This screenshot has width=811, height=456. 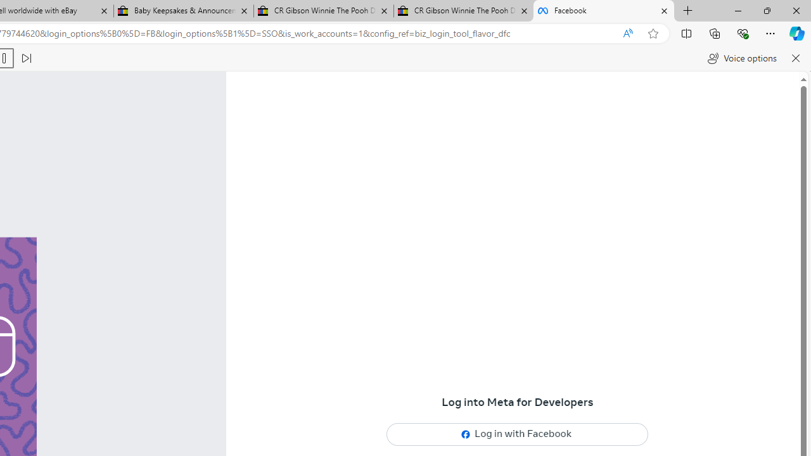 I want to click on 'Baby Keepsakes & Announcements for sale | eBay', so click(x=183, y=11).